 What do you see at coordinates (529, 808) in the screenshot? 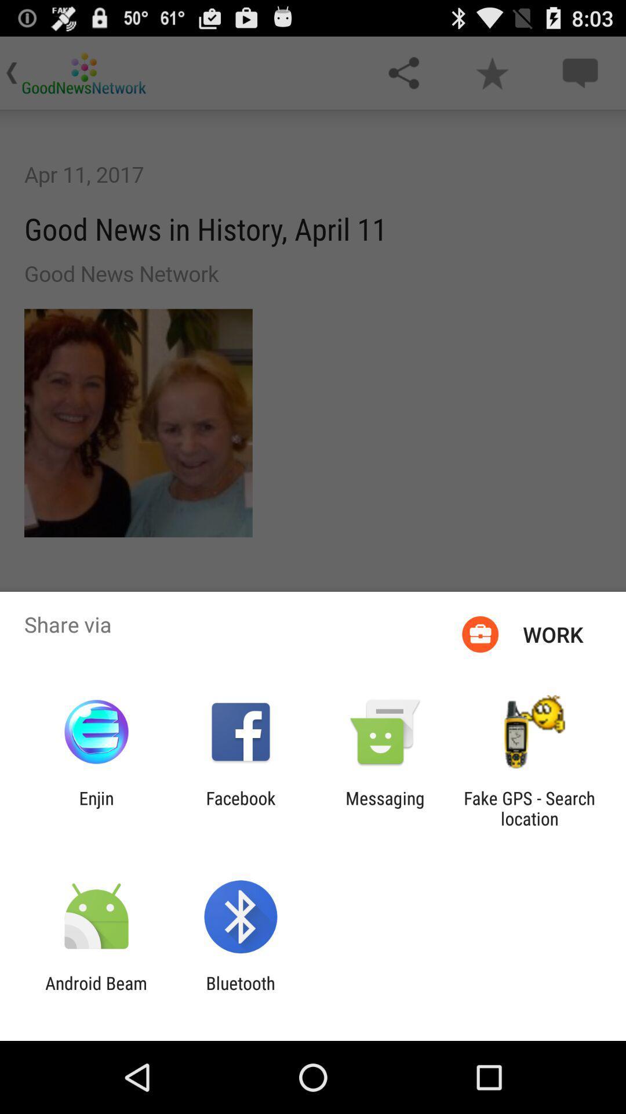
I see `the item next to the messaging item` at bounding box center [529, 808].